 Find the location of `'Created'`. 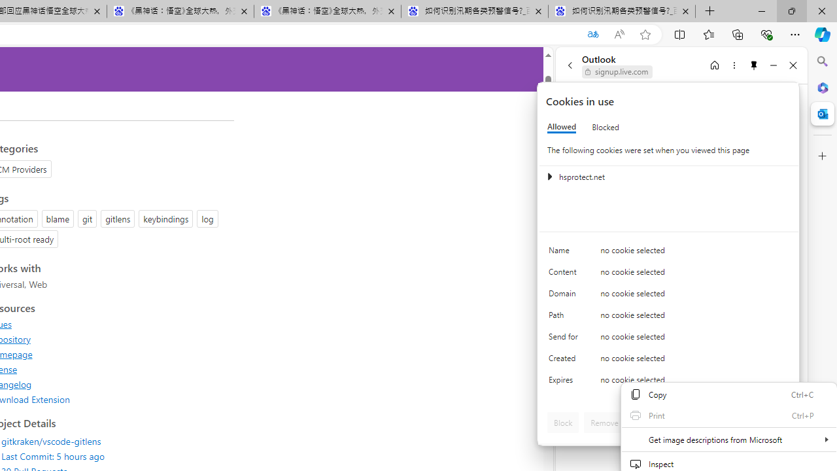

'Created' is located at coordinates (566, 361).